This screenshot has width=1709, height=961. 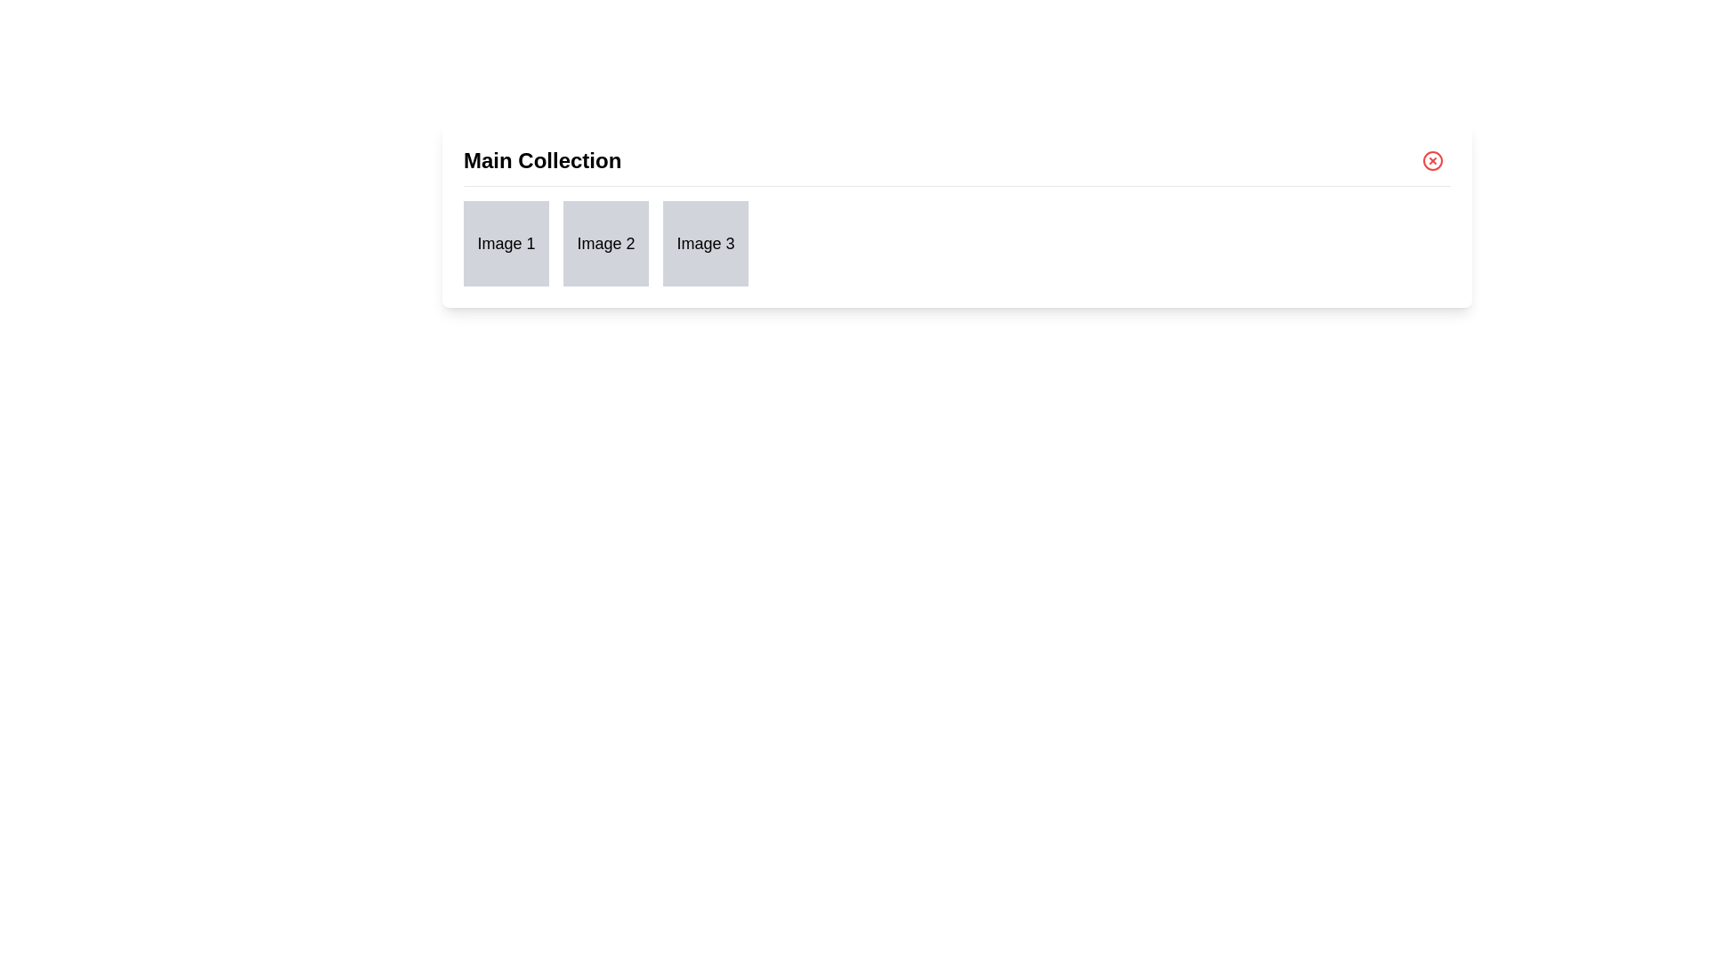 What do you see at coordinates (606, 243) in the screenshot?
I see `the button labeled 'Image 2' located under the 'Main Collection' label` at bounding box center [606, 243].